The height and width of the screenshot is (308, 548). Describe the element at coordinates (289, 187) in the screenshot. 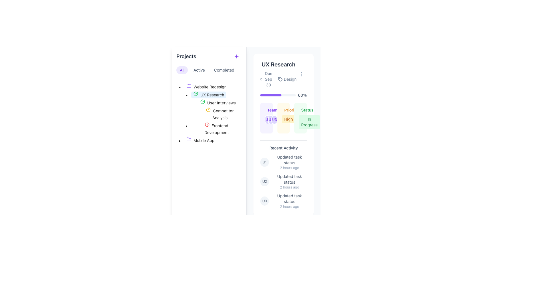

I see `static text displaying '2 hours ago', which is located directly below the 'Updated task status' in the 'Recent Activity' section, associated with the second item (U2) in the chronological list` at that location.